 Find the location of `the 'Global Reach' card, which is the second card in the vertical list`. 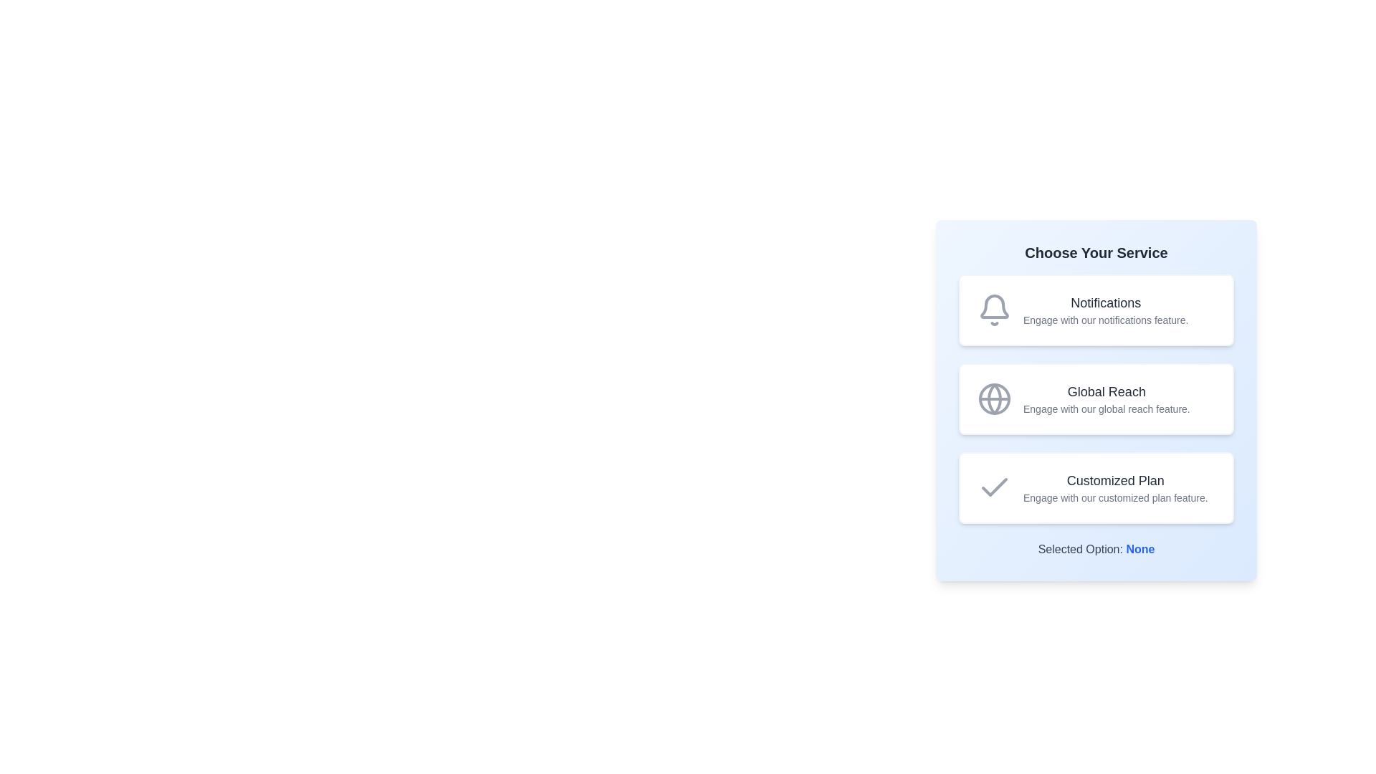

the 'Global Reach' card, which is the second card in the vertical list is located at coordinates (1096, 401).